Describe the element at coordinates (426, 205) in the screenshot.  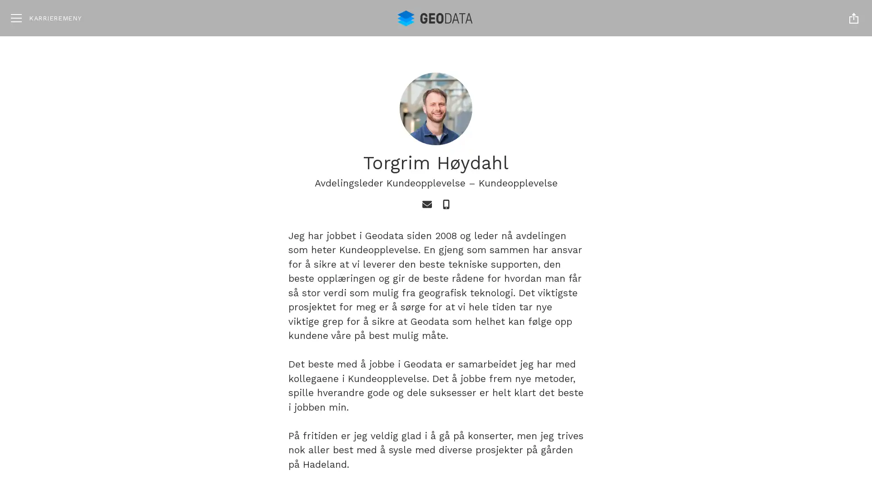
I see `E-post` at that location.